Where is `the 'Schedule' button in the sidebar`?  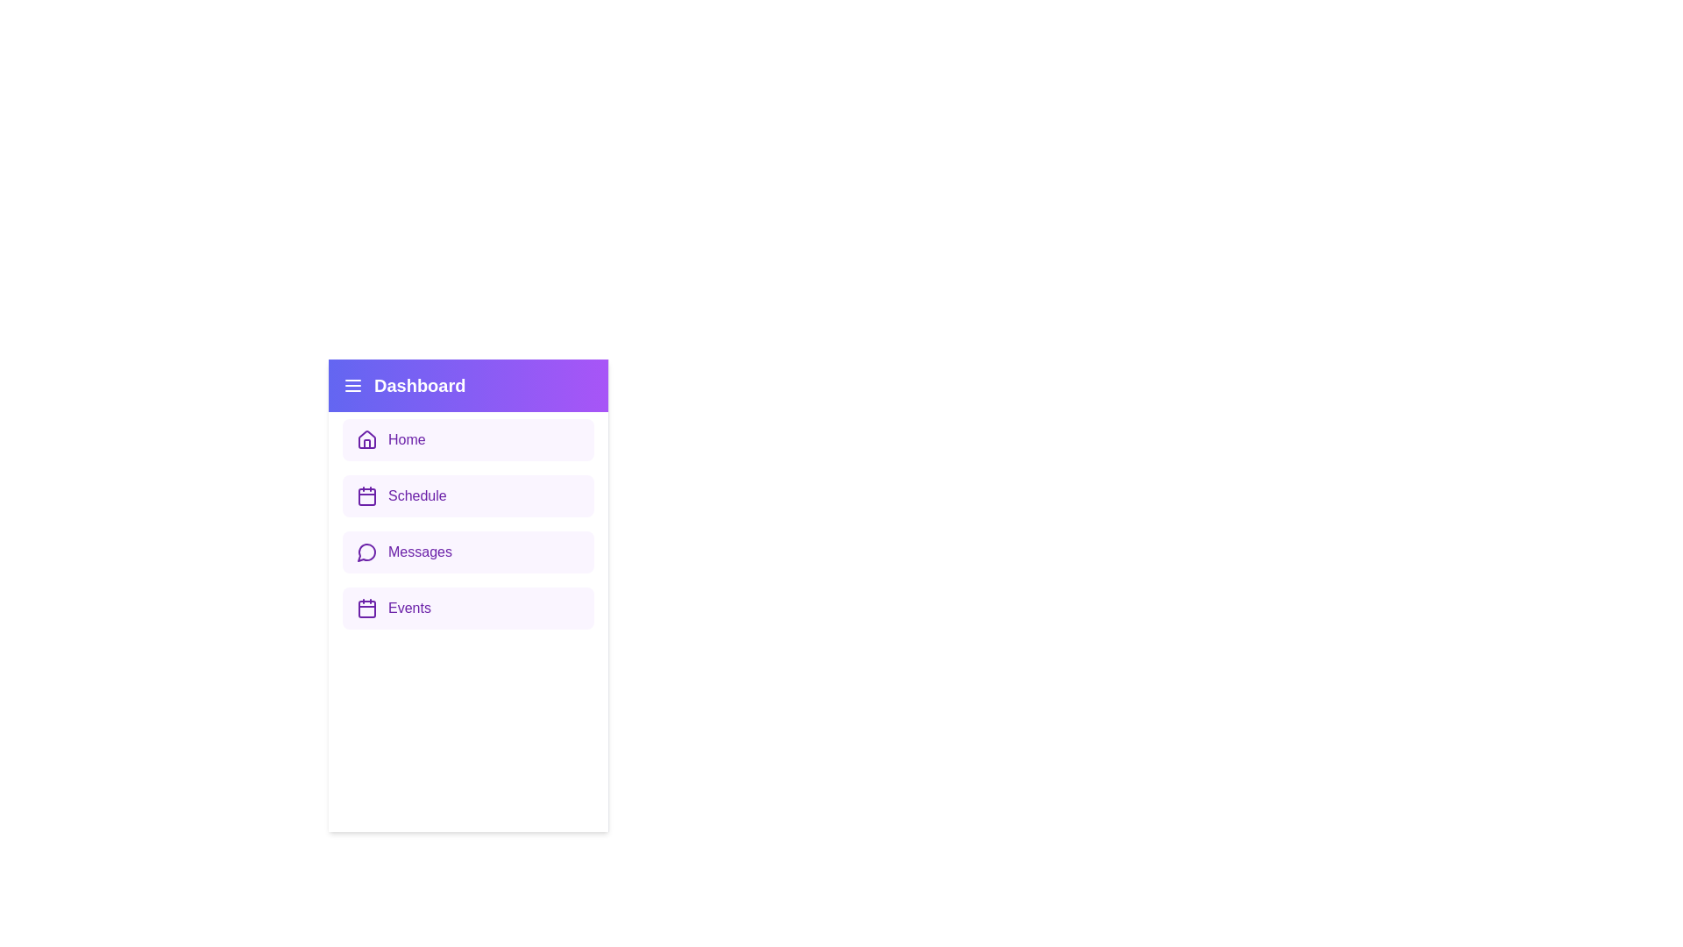 the 'Schedule' button in the sidebar is located at coordinates (468, 496).